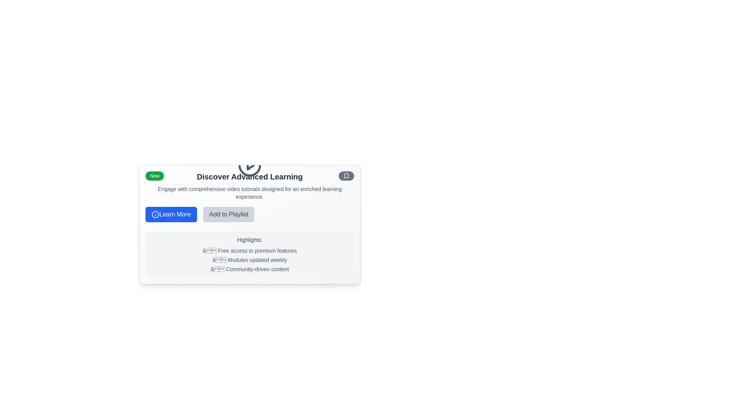 Image resolution: width=739 pixels, height=416 pixels. Describe the element at coordinates (249, 268) in the screenshot. I see `informational static text that highlights community-driven content, which is the third item in a vertical list located in the highlights section of the displayed panel` at that location.